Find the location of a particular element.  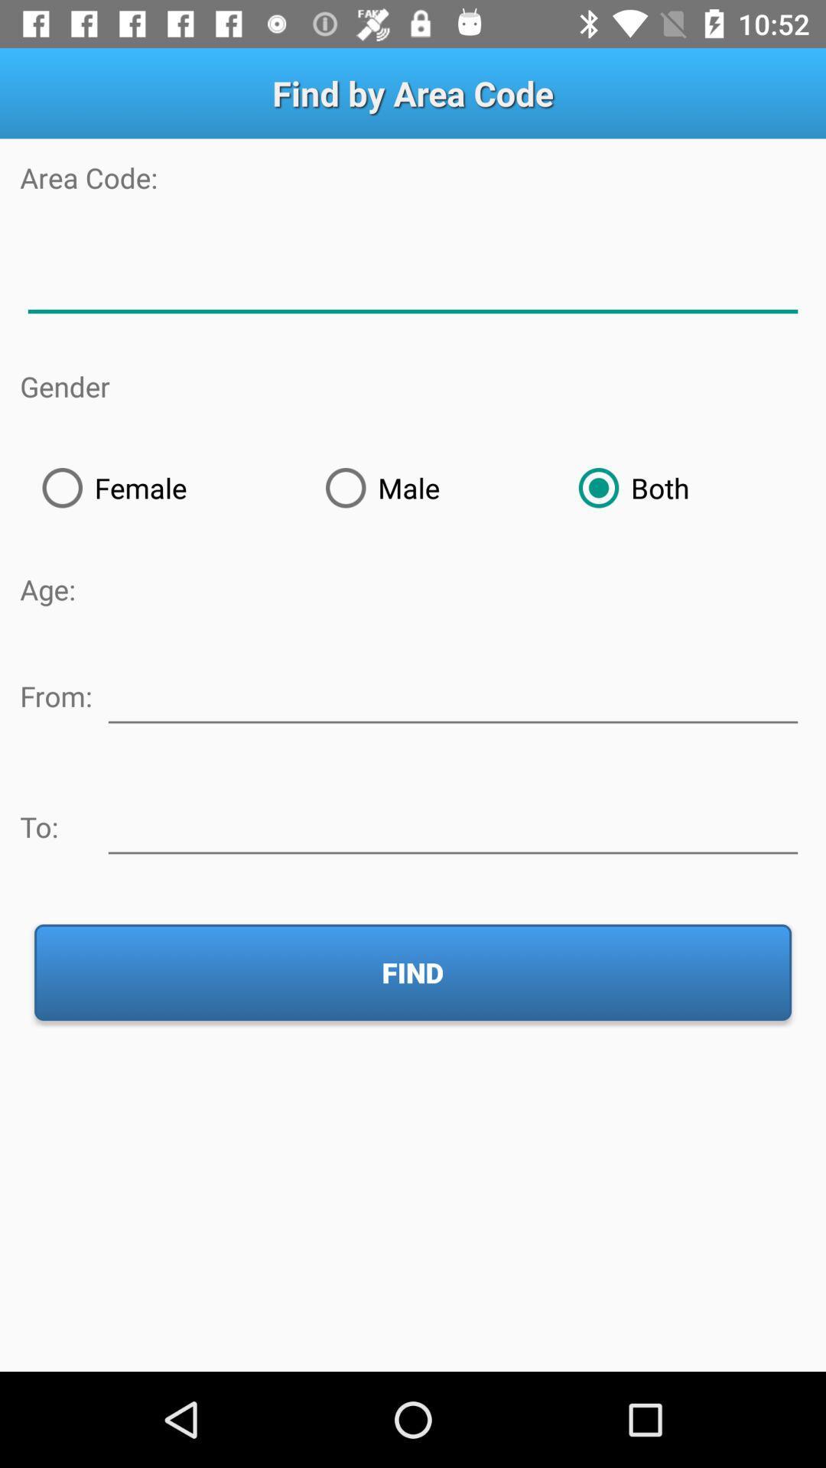

set age to is located at coordinates (452, 823).